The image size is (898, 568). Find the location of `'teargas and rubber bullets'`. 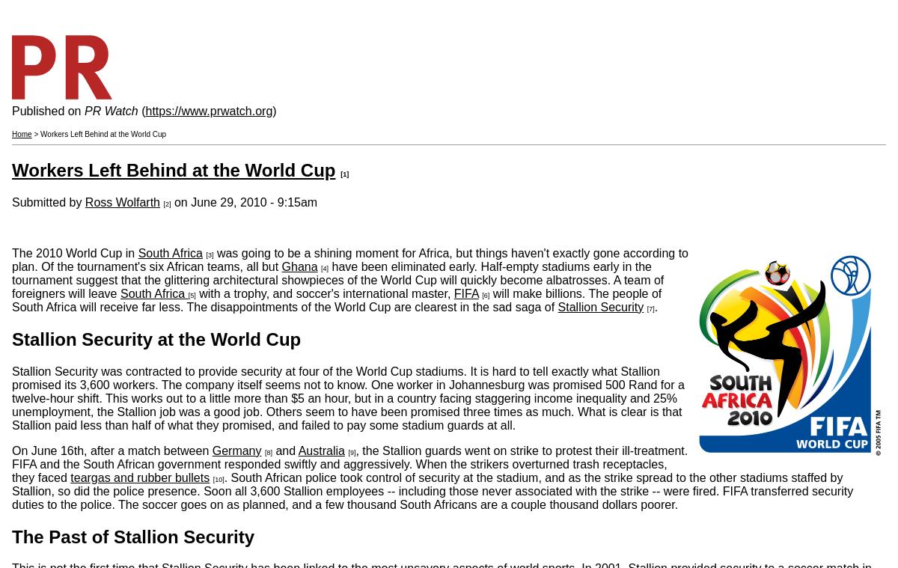

'teargas and rubber bullets' is located at coordinates (138, 477).